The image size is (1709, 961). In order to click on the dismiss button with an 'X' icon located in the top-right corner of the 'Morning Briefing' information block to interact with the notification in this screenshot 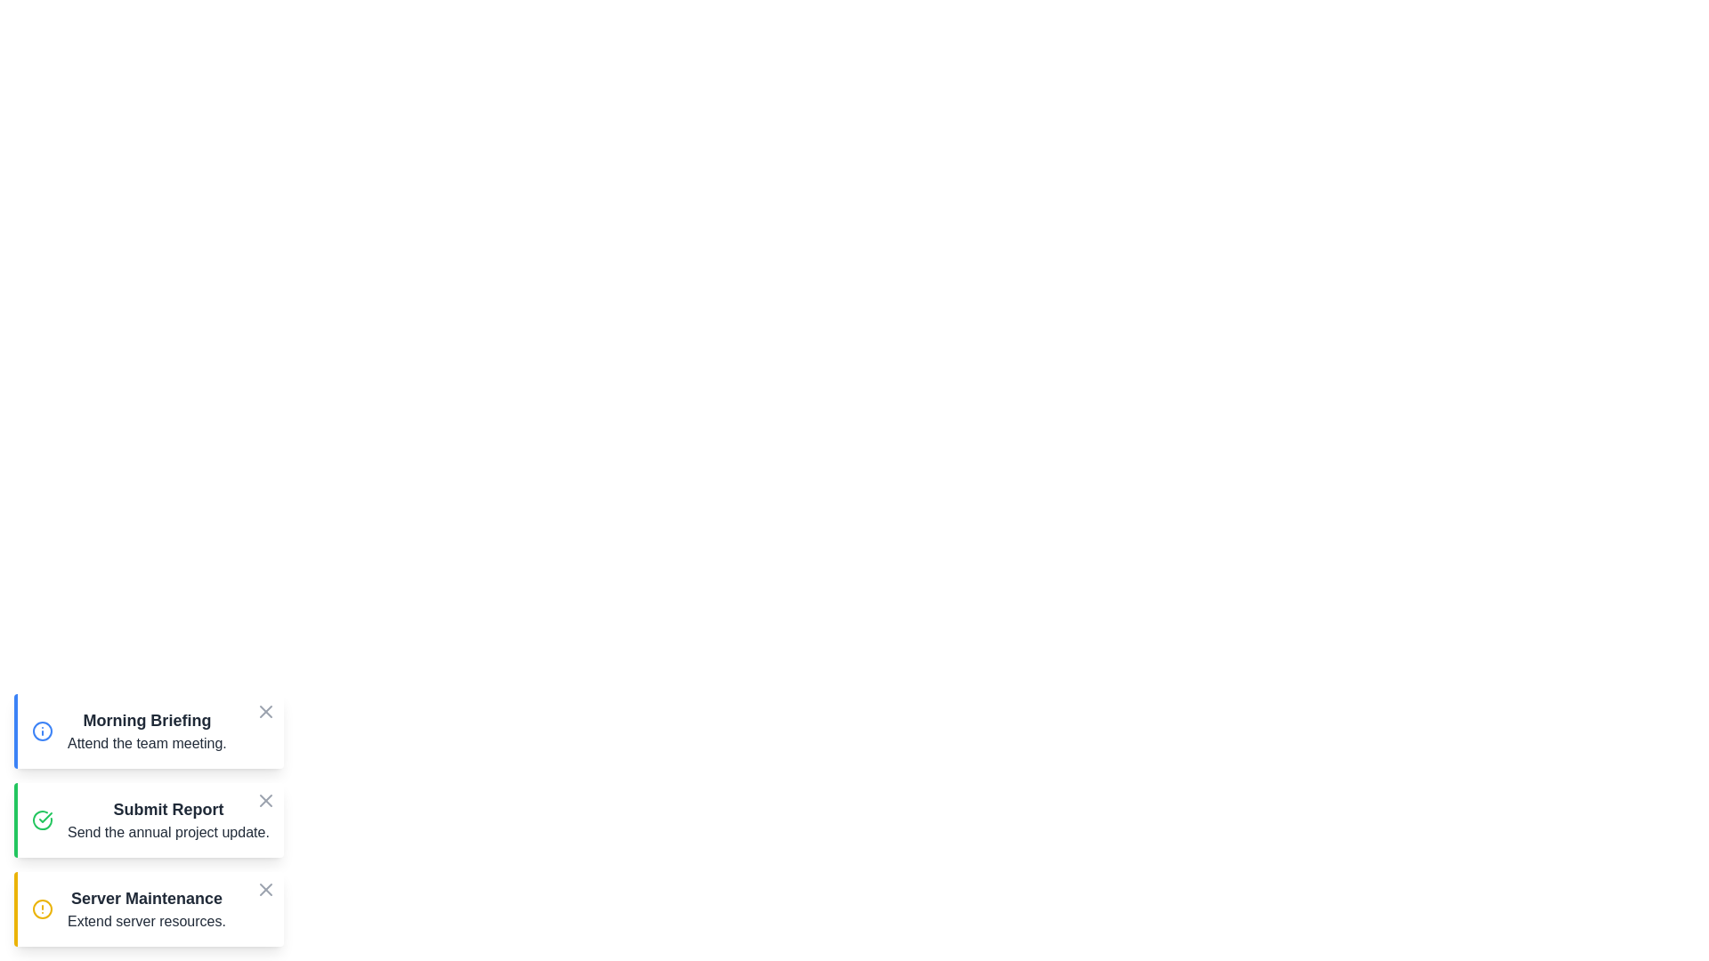, I will do `click(264, 714)`.